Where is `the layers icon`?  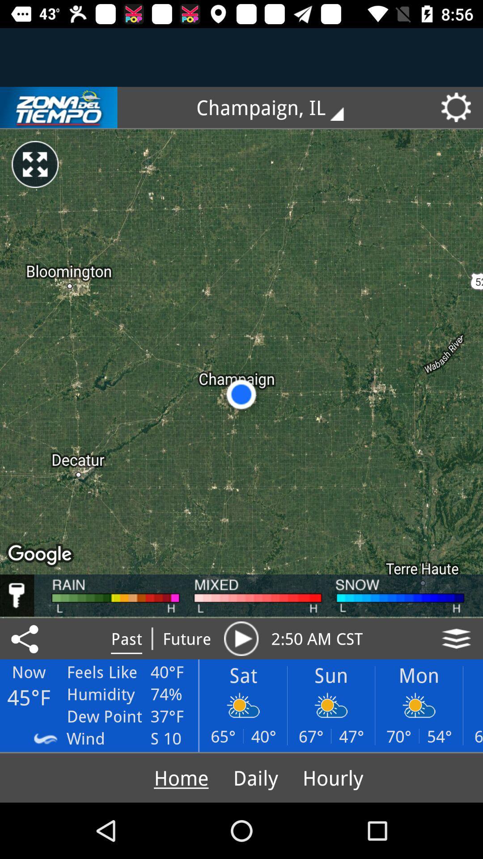 the layers icon is located at coordinates (456, 638).